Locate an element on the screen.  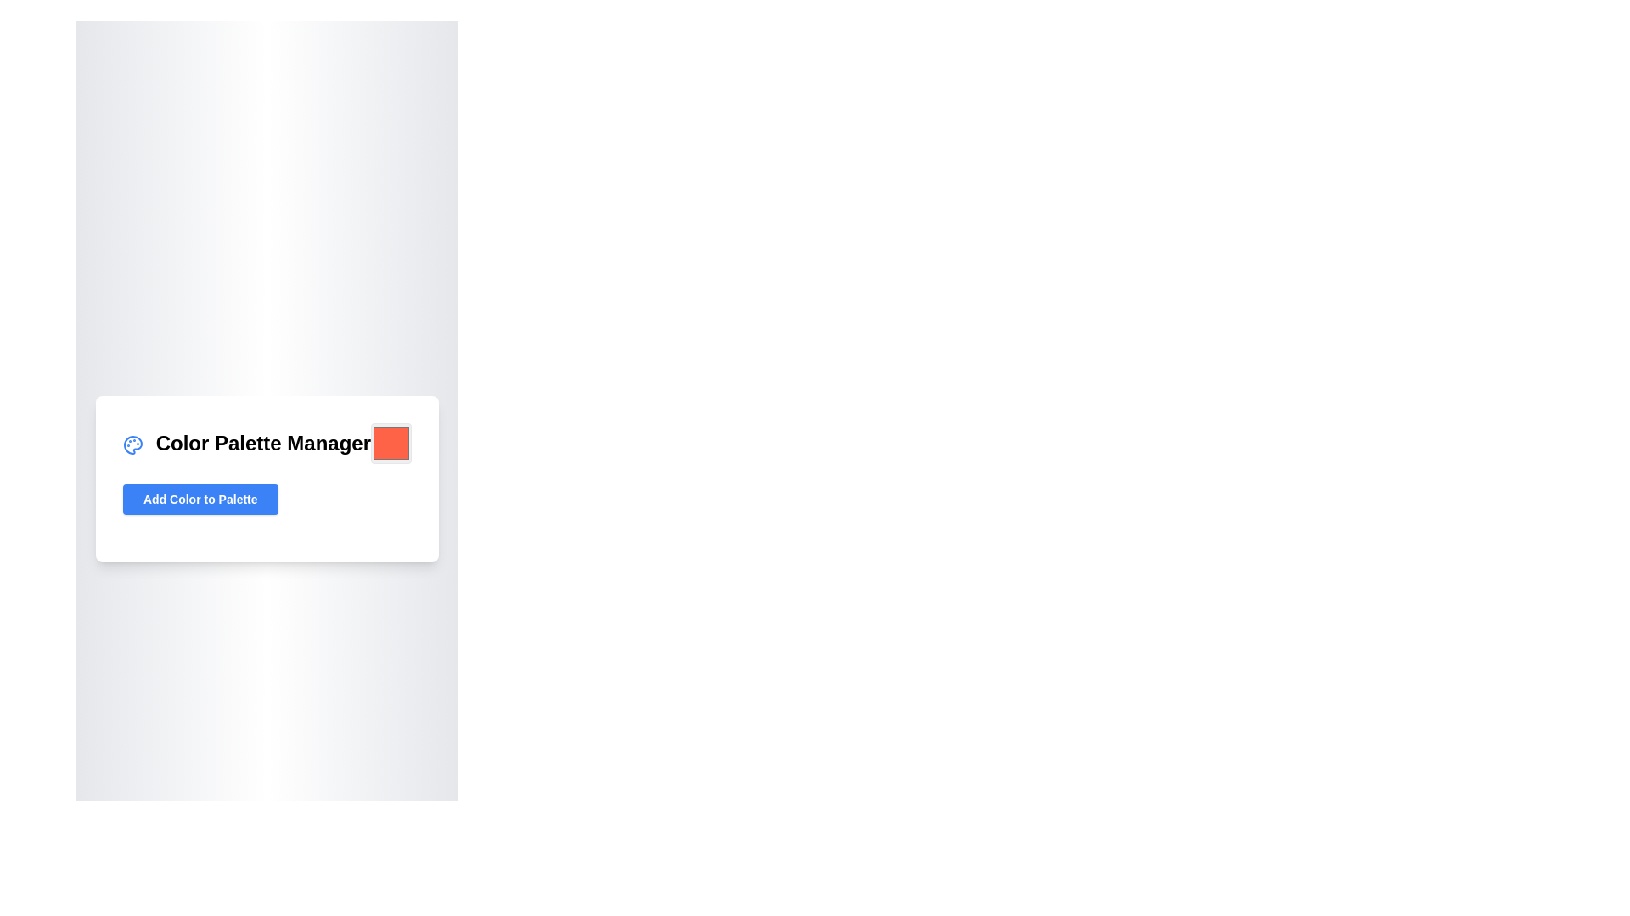
the Text label located at the top of the card-like box, which helps users understand the section's purpose, positioned with a blue icon to its left and a color input box to its right is located at coordinates (246, 443).